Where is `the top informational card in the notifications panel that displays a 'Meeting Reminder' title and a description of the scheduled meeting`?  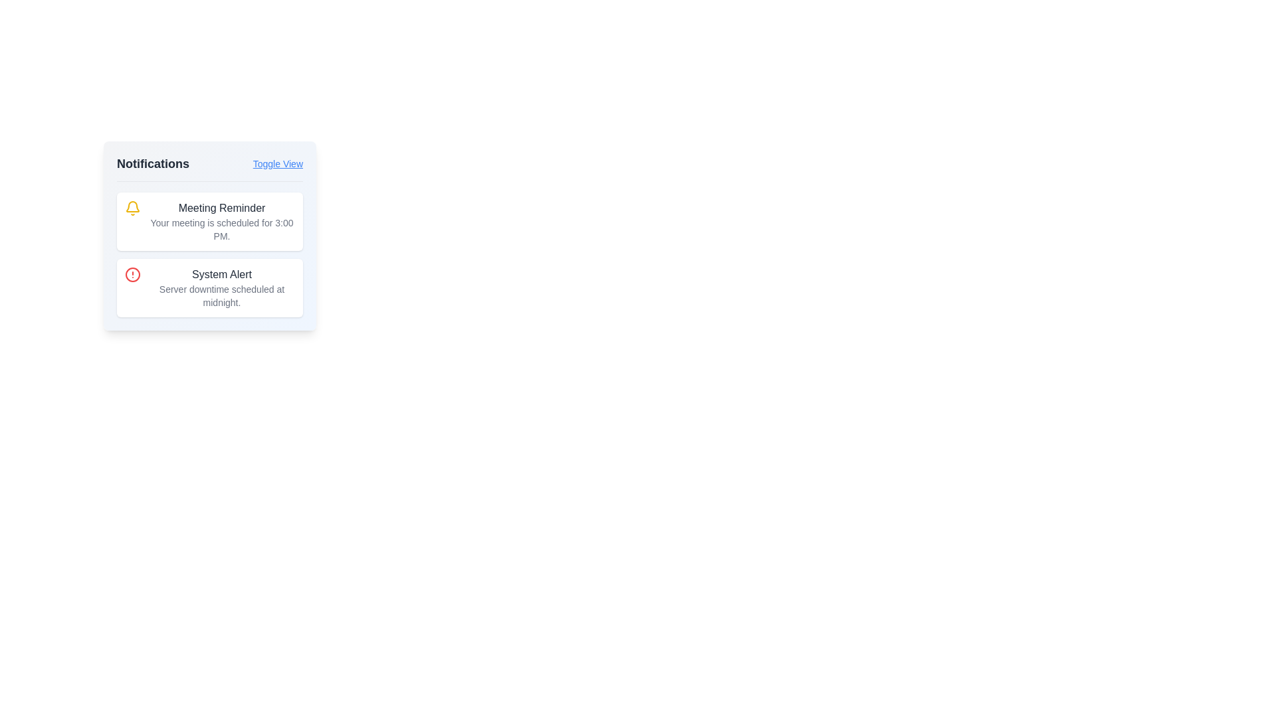
the top informational card in the notifications panel that displays a 'Meeting Reminder' title and a description of the scheduled meeting is located at coordinates (222, 221).